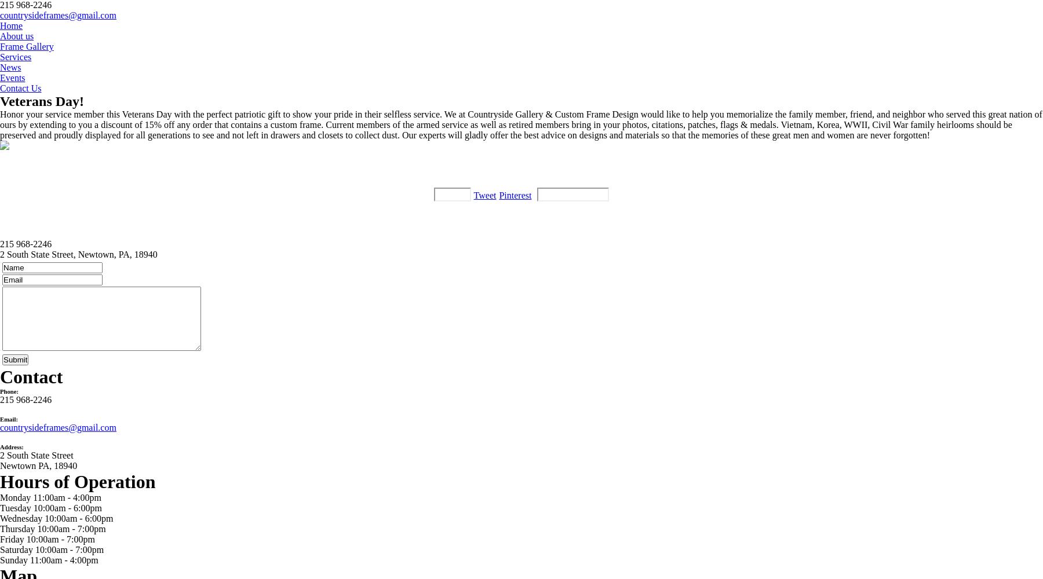  What do you see at coordinates (0, 254) in the screenshot?
I see `'2 South State Street, Newtown, PA, 18940'` at bounding box center [0, 254].